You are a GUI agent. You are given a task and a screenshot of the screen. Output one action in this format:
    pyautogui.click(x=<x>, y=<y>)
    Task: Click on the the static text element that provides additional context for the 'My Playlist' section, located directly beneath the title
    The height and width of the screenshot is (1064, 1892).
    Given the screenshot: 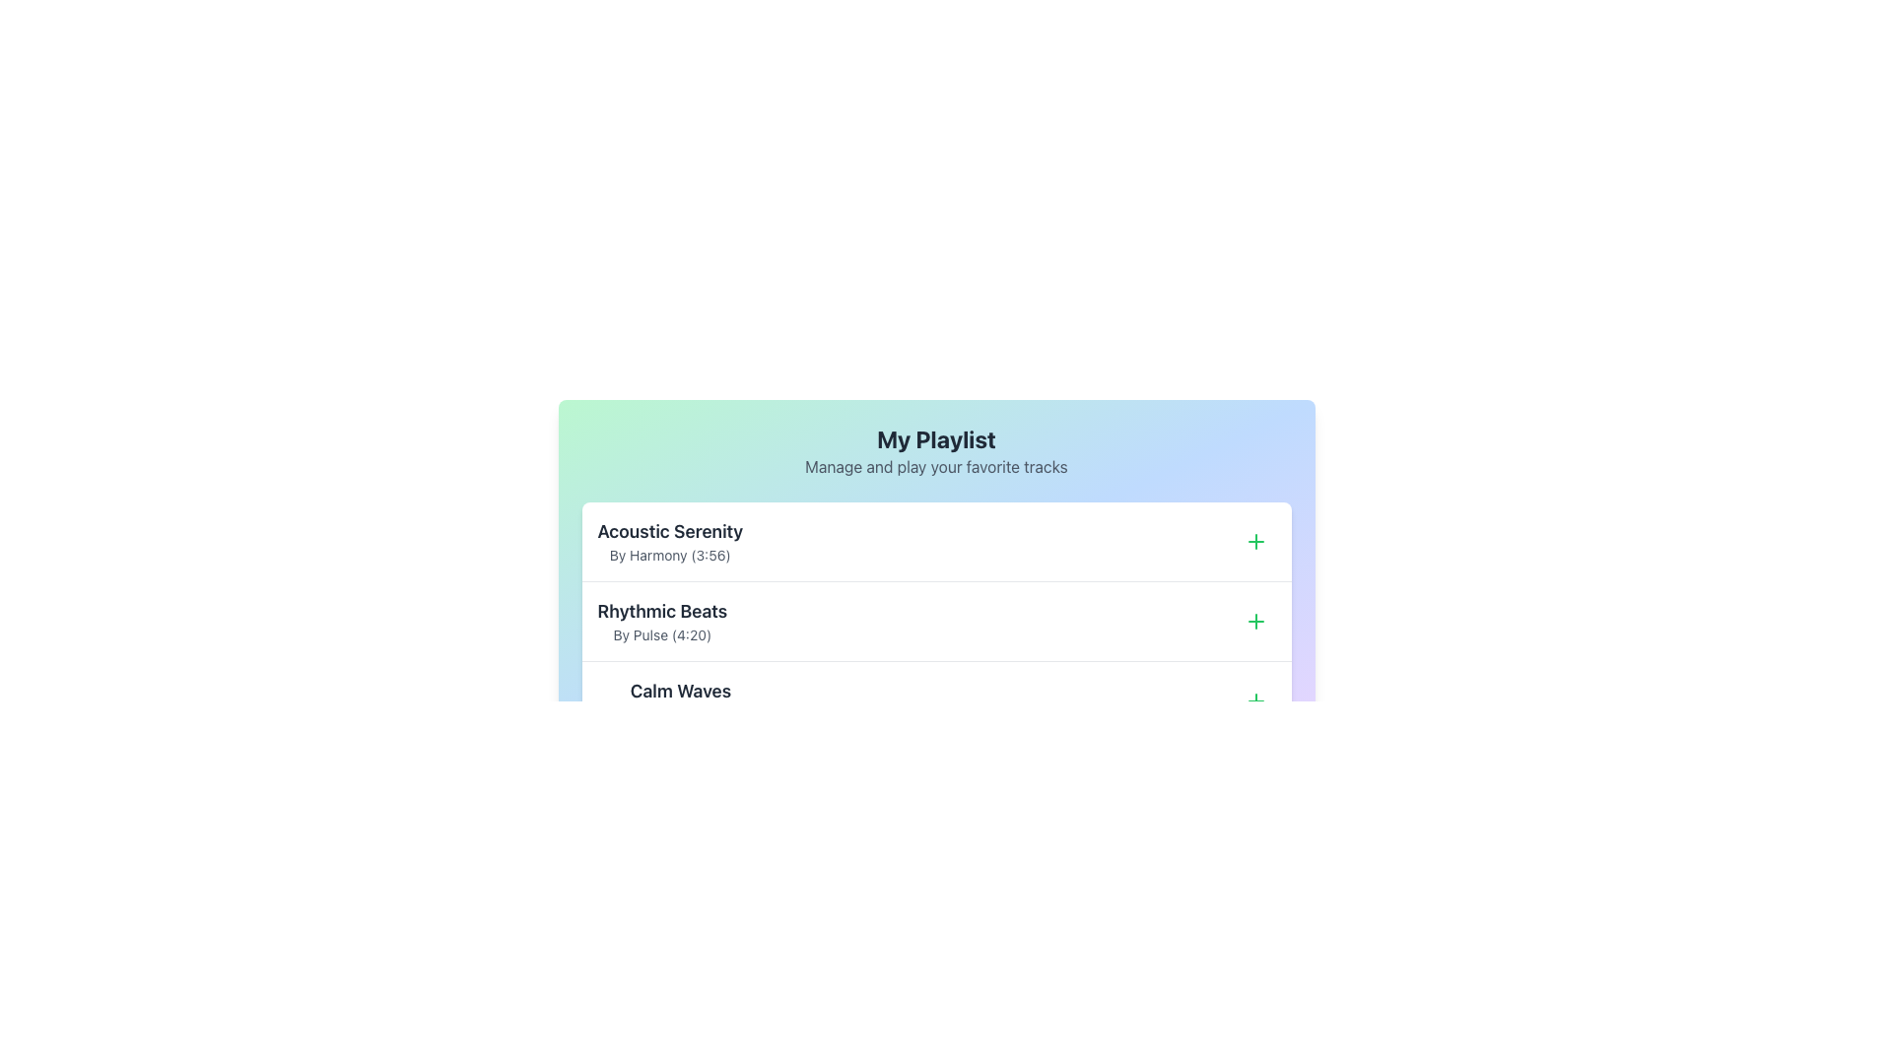 What is the action you would take?
    pyautogui.click(x=935, y=467)
    